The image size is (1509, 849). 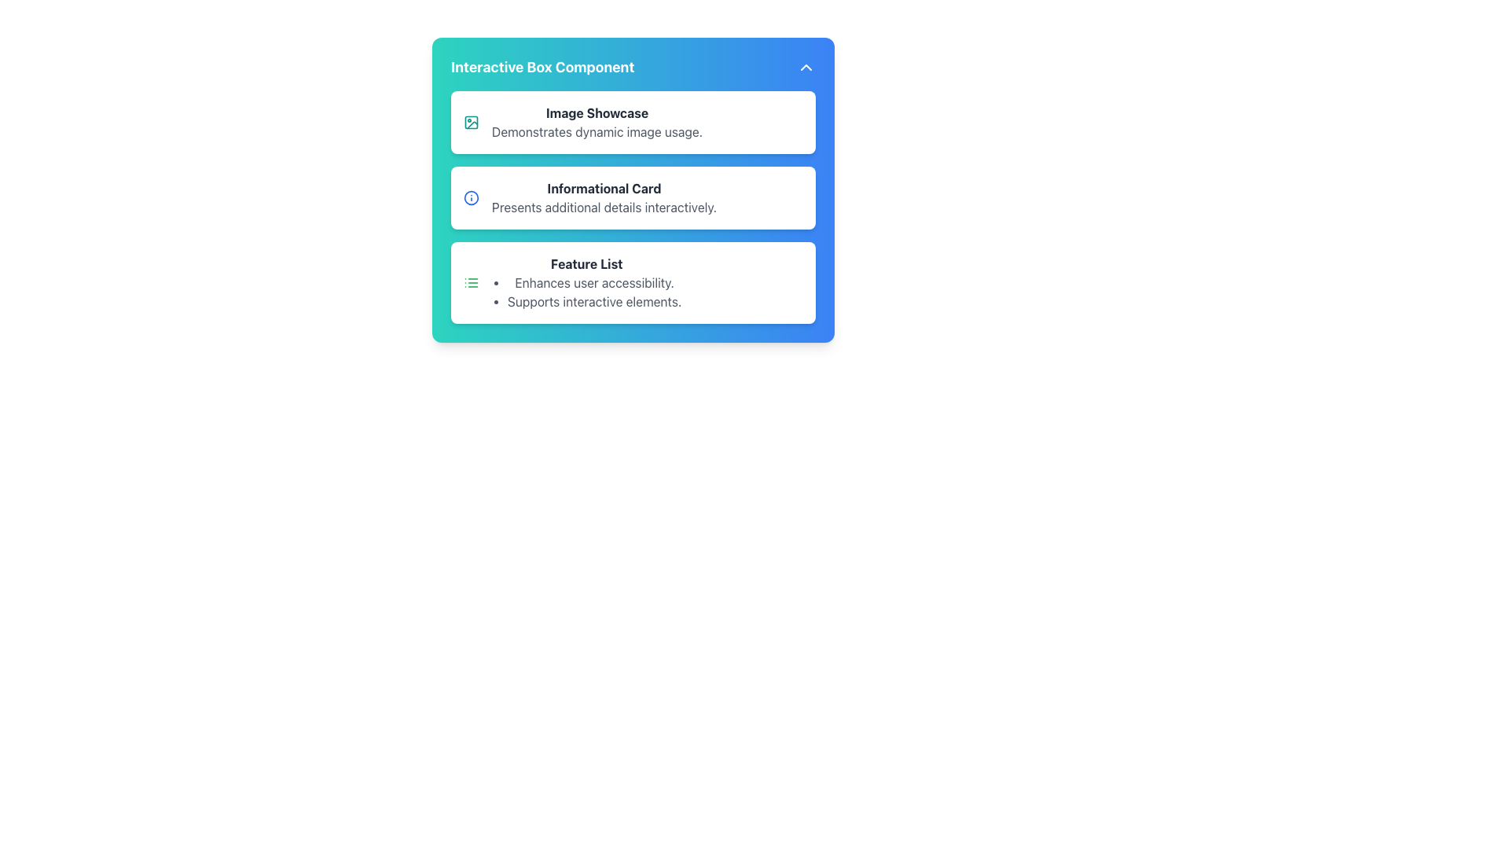 I want to click on the static text reading 'Presents additional details interactively' located directly below the title 'Informational Card' in the 'Interactive Box Component', so click(x=603, y=206).